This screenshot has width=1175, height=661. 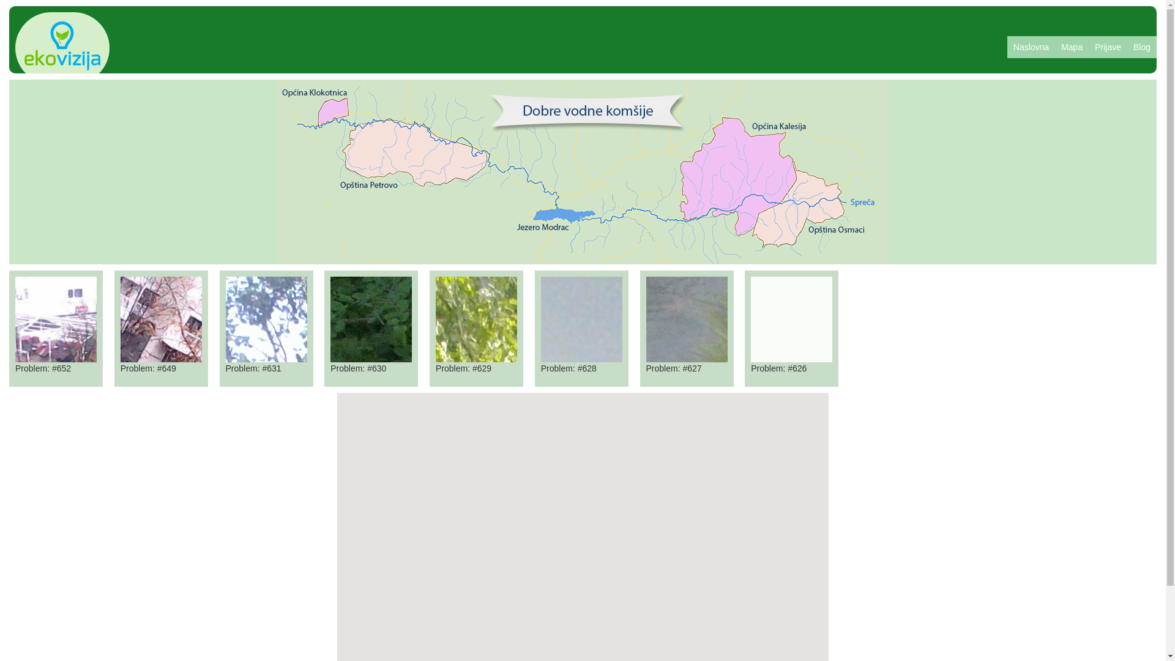 I want to click on 'Naslovna', so click(x=1030, y=47).